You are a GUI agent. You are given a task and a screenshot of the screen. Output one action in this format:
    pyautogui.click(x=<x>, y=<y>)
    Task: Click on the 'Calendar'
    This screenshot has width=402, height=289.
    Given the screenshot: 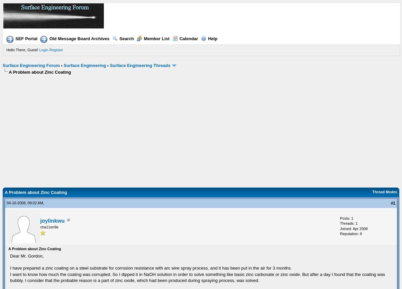 What is the action you would take?
    pyautogui.click(x=188, y=38)
    